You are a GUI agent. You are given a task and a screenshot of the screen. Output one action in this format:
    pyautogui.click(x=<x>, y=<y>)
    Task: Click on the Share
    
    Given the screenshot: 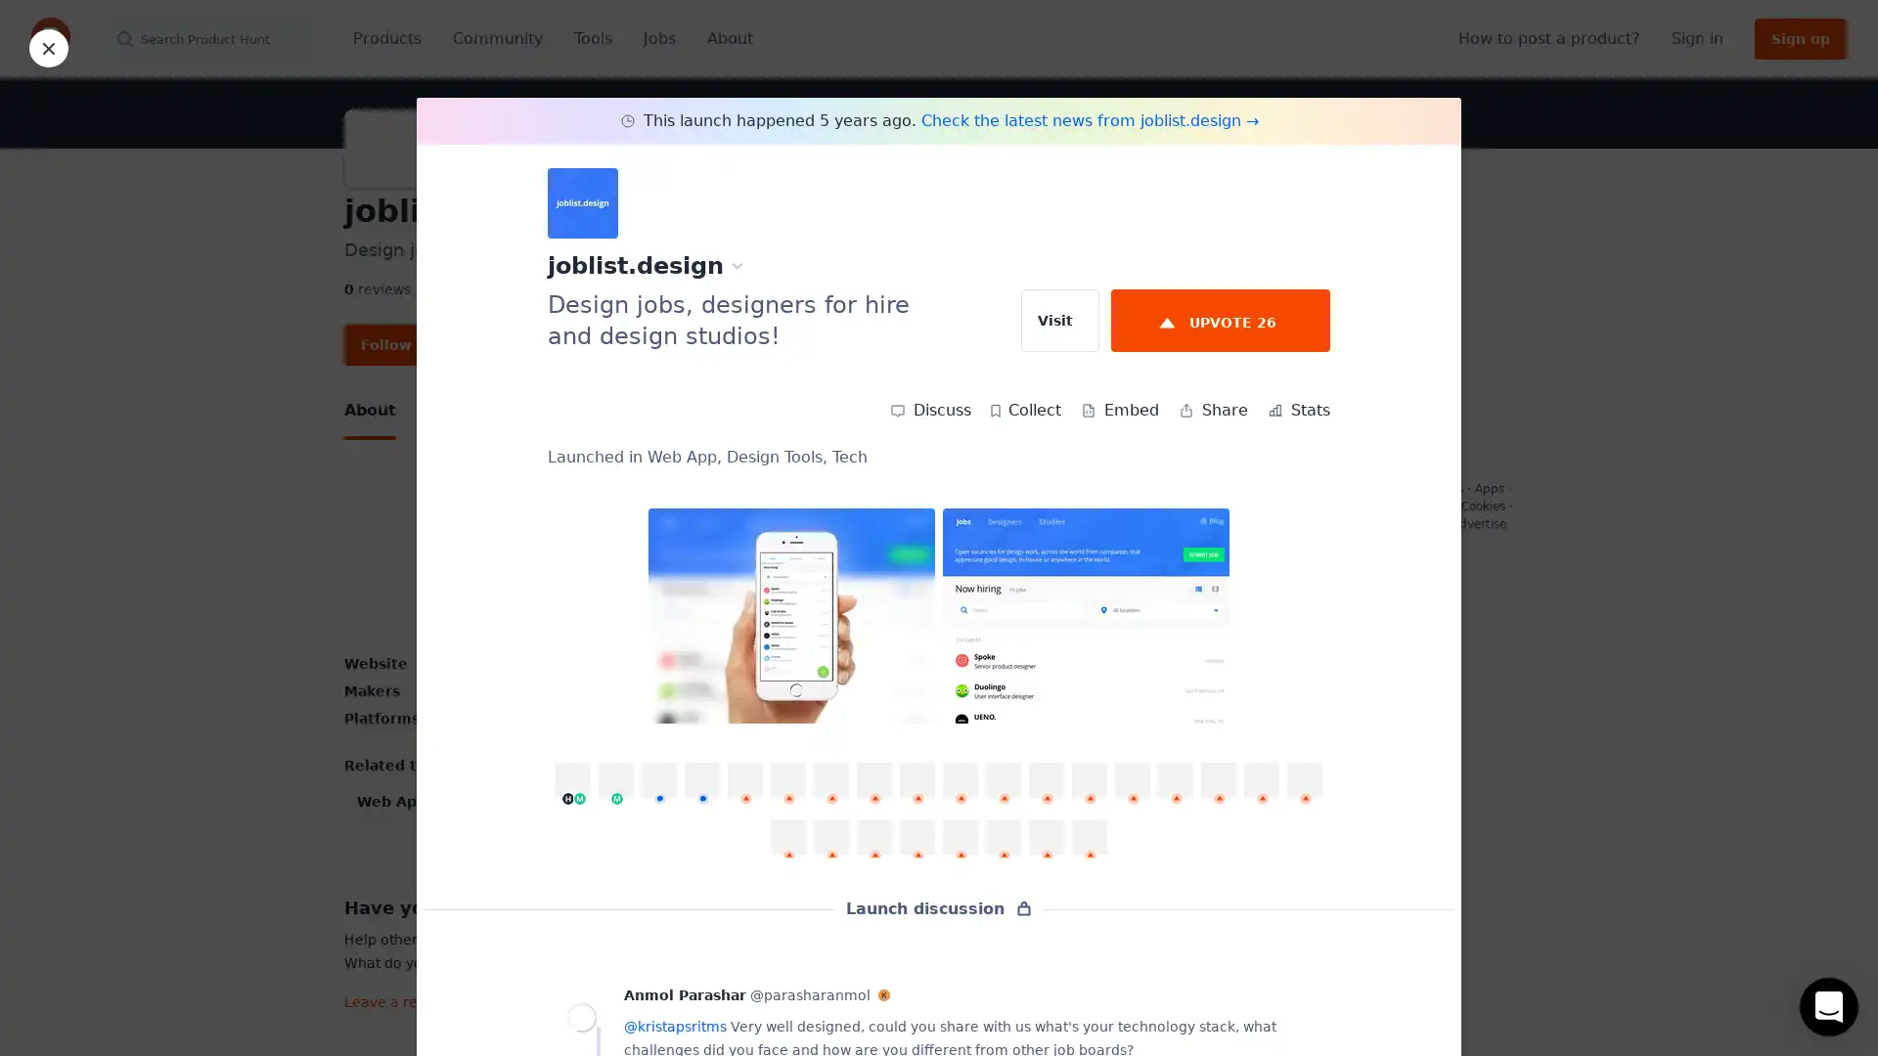 What is the action you would take?
    pyautogui.click(x=1212, y=410)
    